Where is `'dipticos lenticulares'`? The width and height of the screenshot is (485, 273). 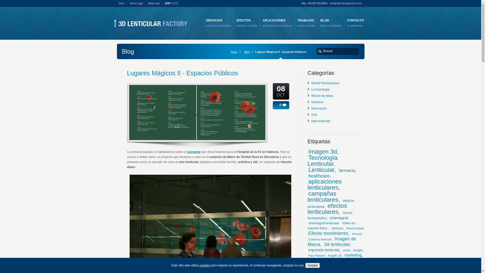 'dipticos lenticulares' is located at coordinates (331, 203).